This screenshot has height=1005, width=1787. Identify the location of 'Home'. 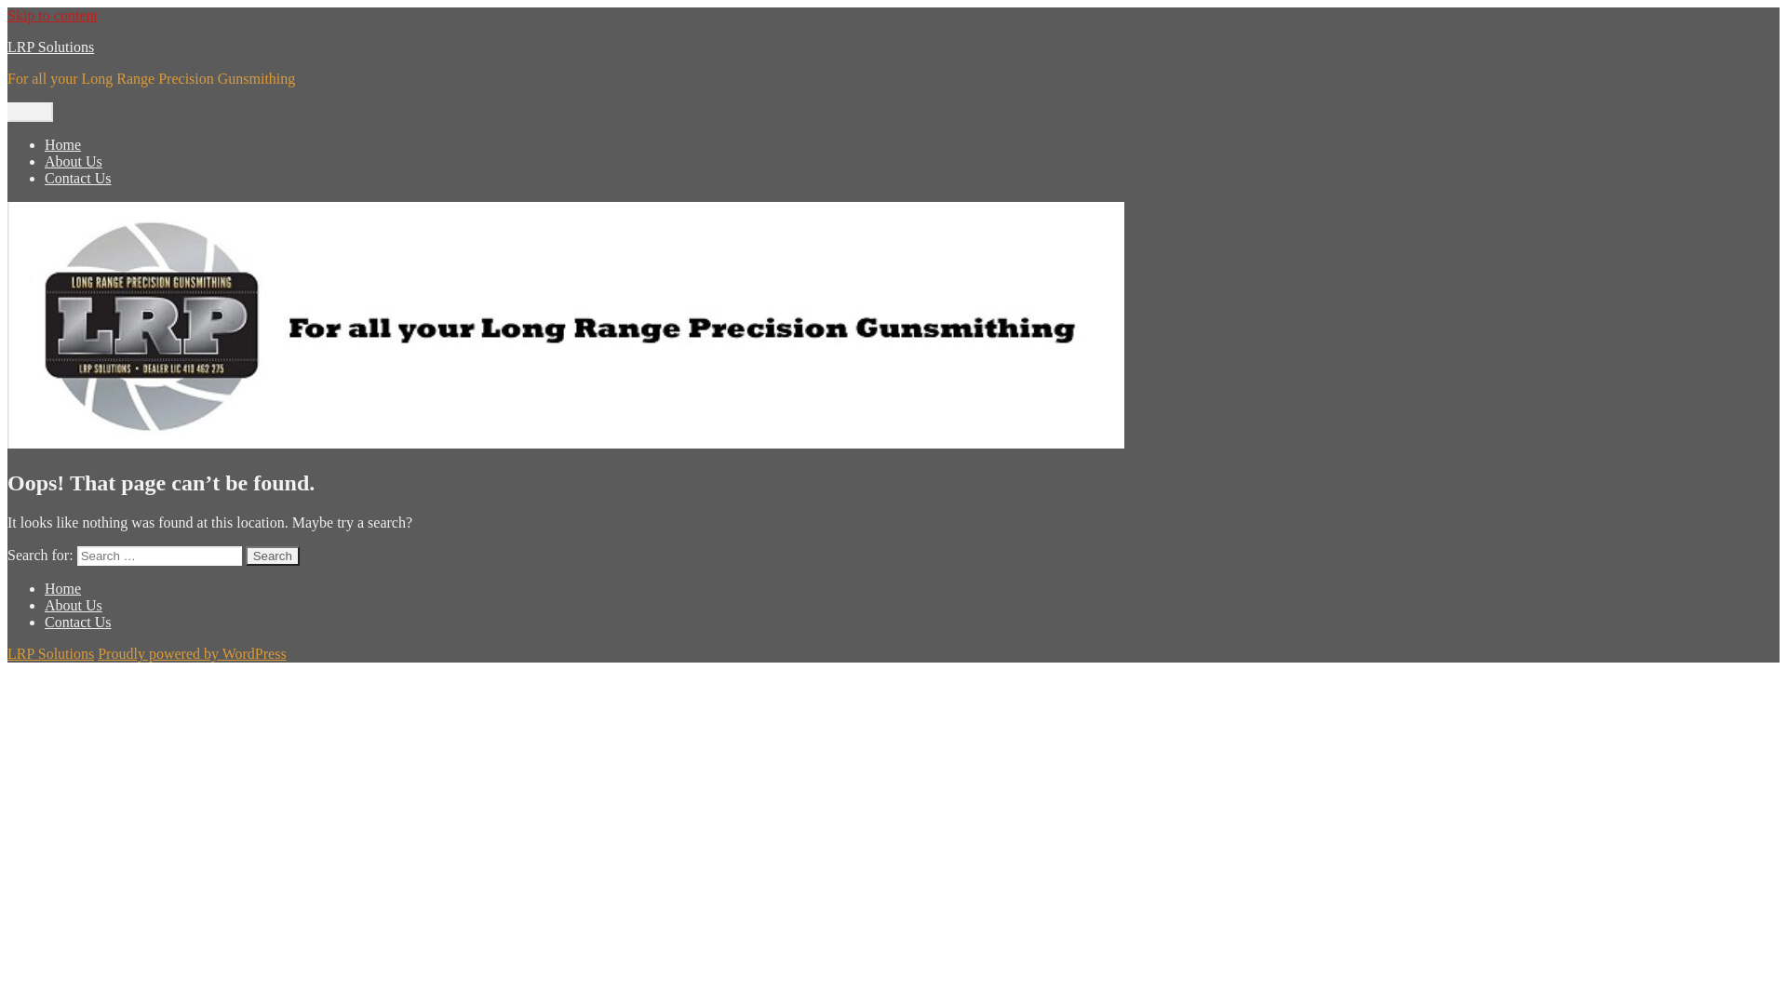
(62, 143).